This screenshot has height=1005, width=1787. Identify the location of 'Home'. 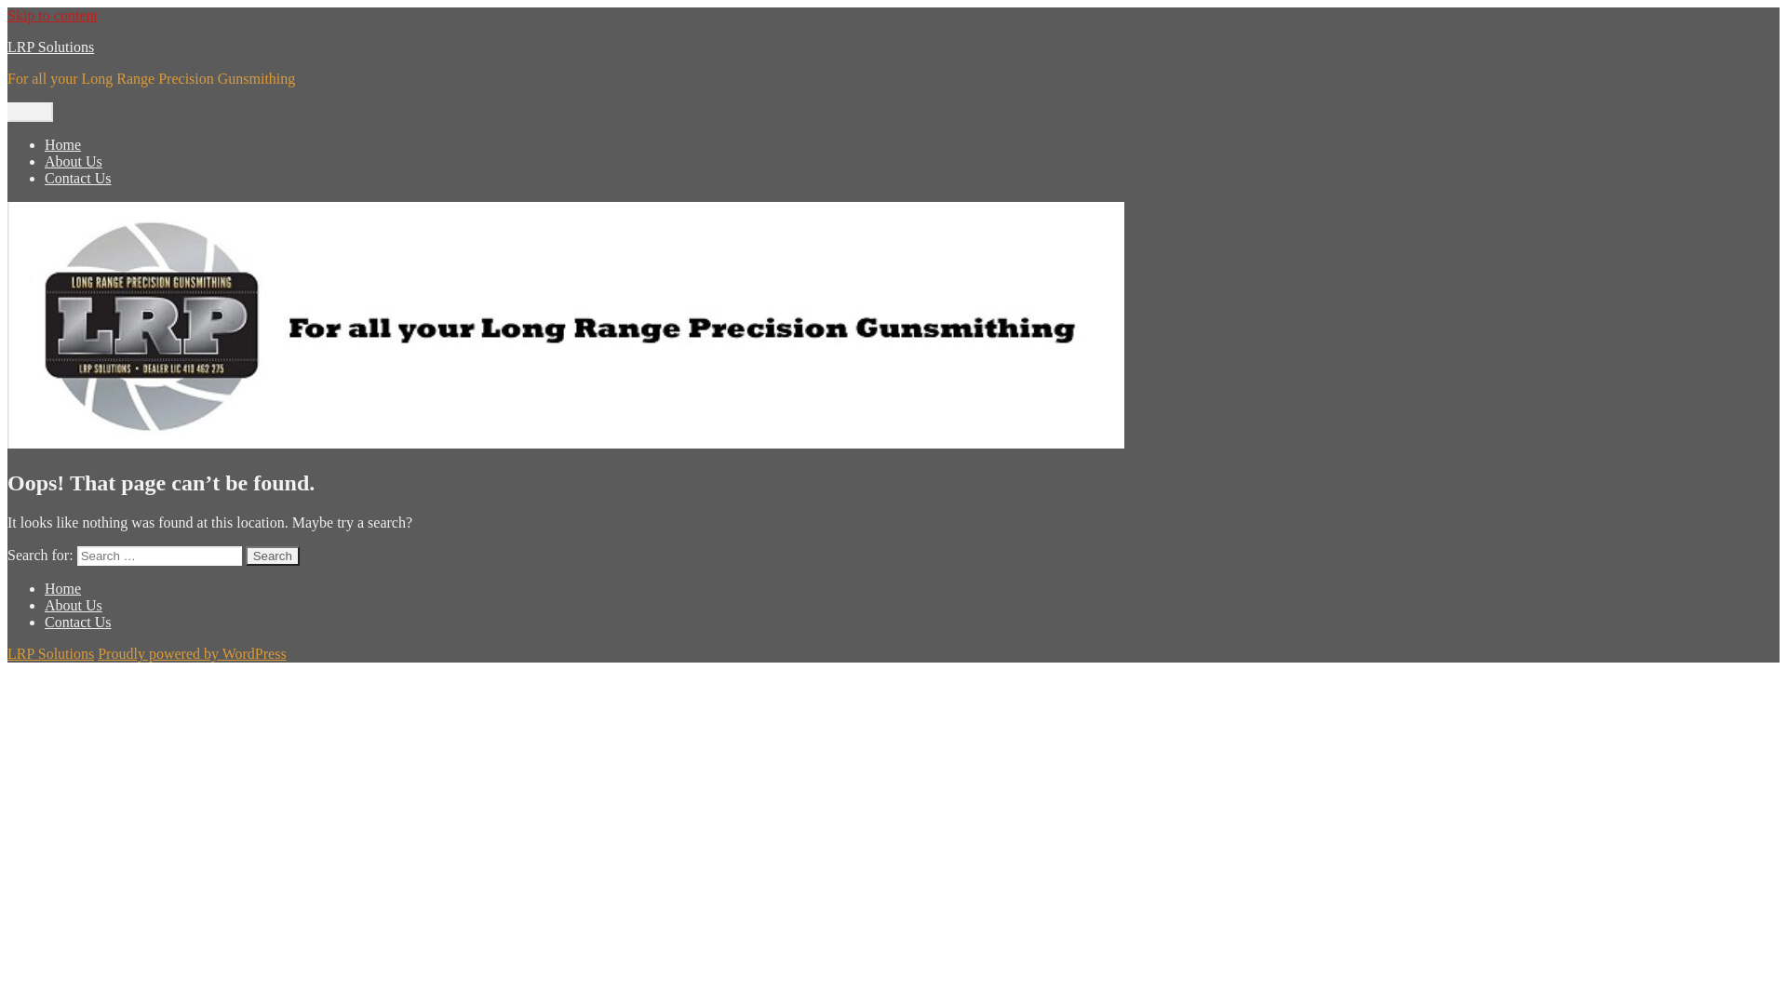
(62, 143).